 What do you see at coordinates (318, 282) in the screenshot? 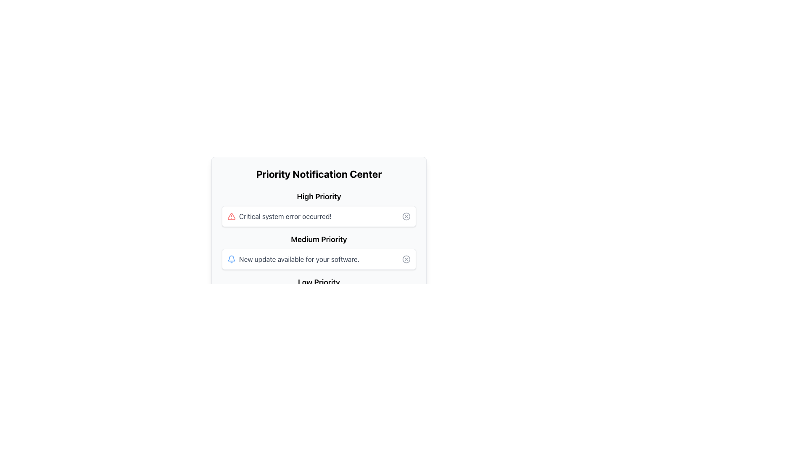
I see `the 'Low Priority' text label which is bold, capitalized, and prominently displayed as the third heading in a vertical list of headings` at bounding box center [318, 282].